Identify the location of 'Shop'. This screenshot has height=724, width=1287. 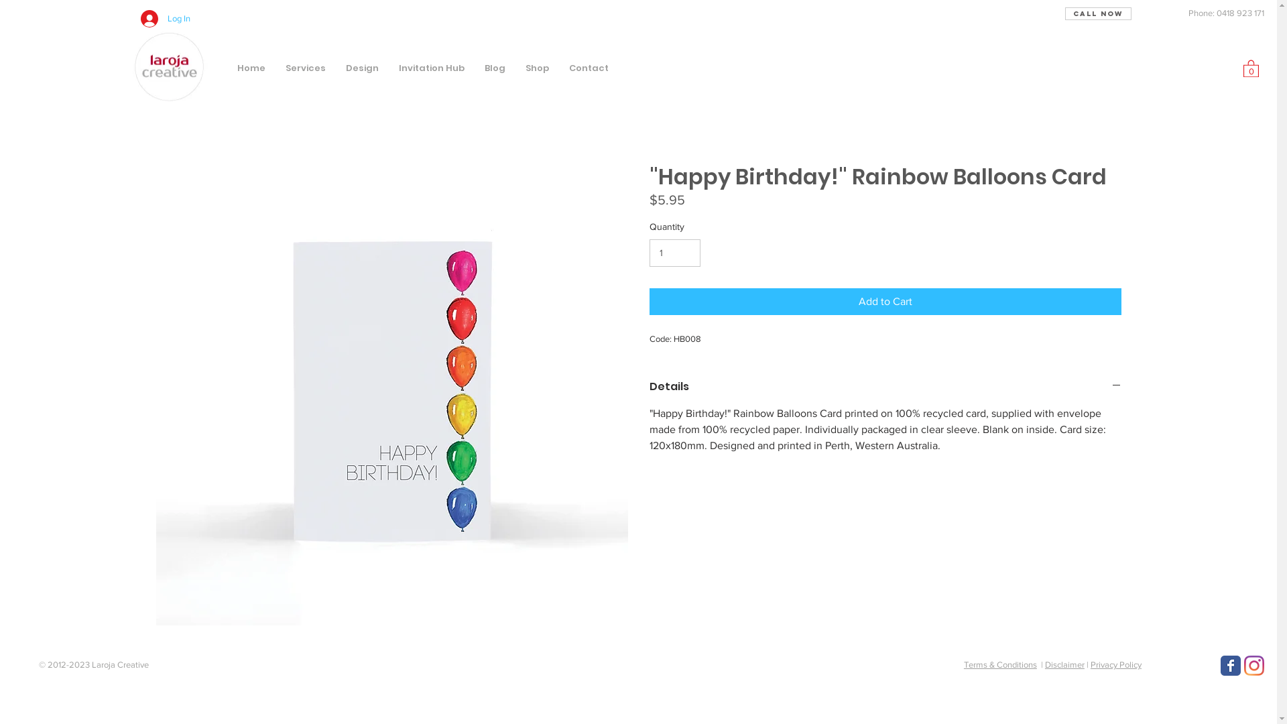
(537, 67).